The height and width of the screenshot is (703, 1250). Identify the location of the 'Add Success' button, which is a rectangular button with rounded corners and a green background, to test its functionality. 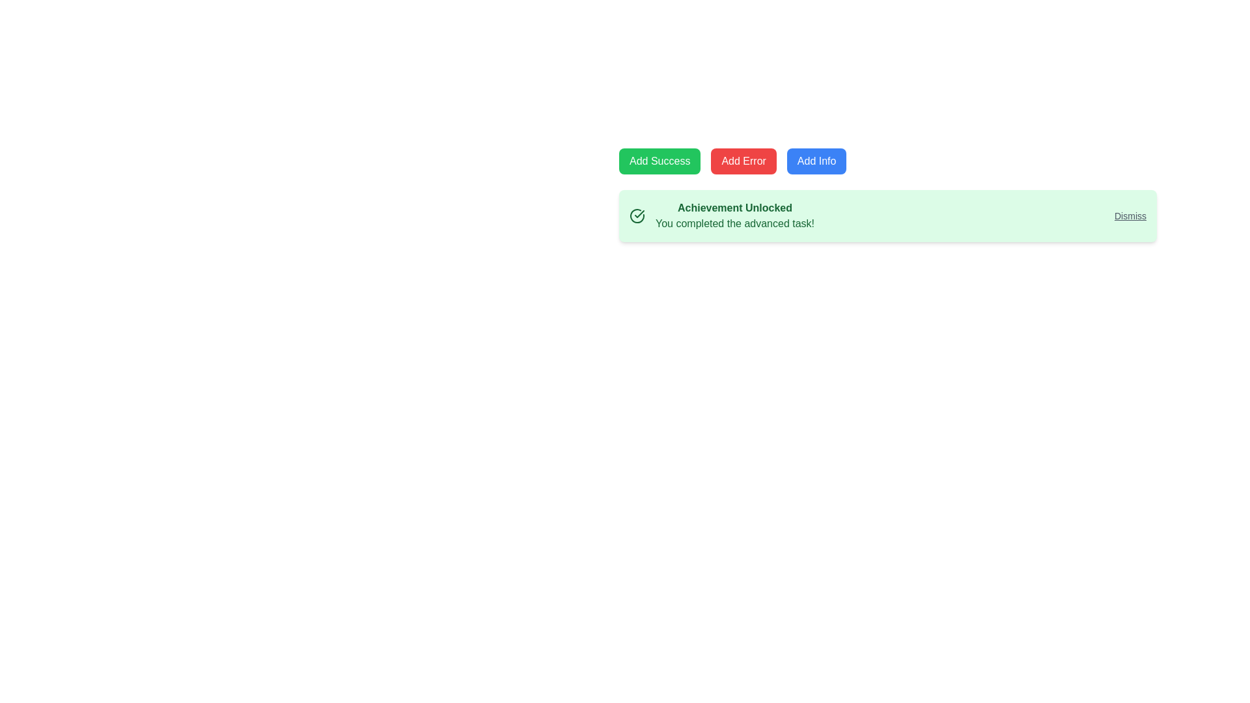
(660, 160).